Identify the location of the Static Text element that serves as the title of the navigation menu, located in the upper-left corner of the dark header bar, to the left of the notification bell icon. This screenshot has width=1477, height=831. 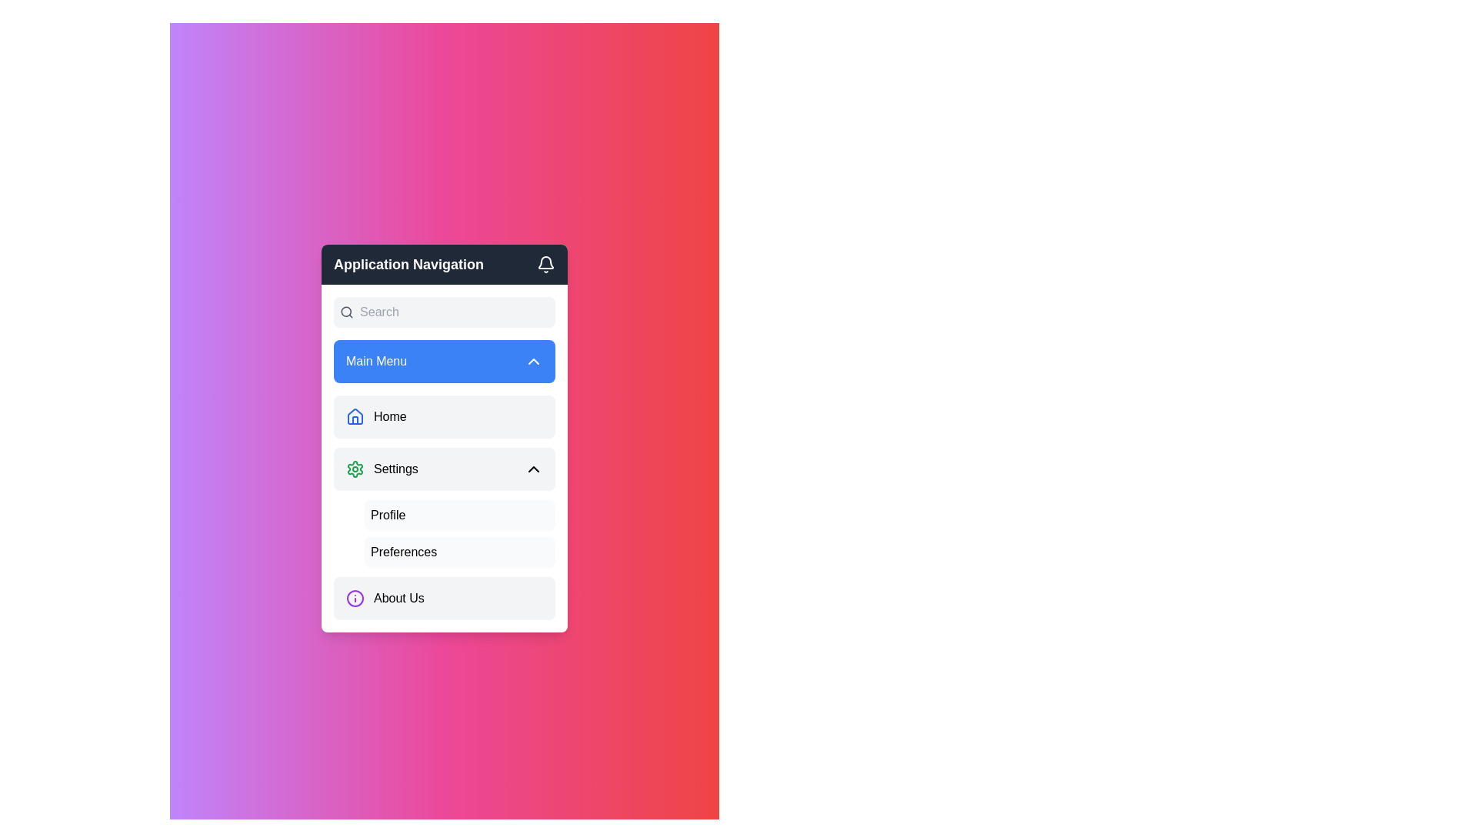
(408, 263).